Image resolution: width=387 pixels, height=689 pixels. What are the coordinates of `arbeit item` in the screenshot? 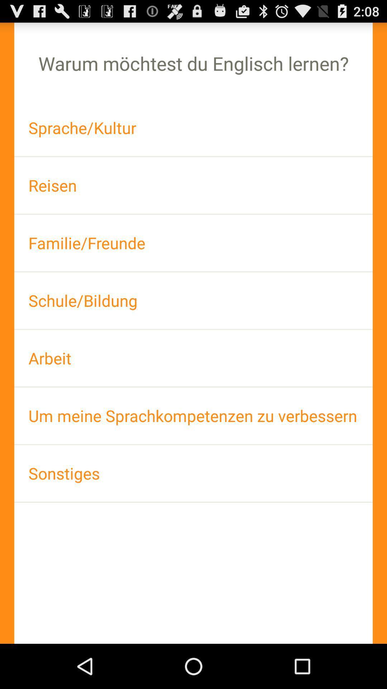 It's located at (193, 358).